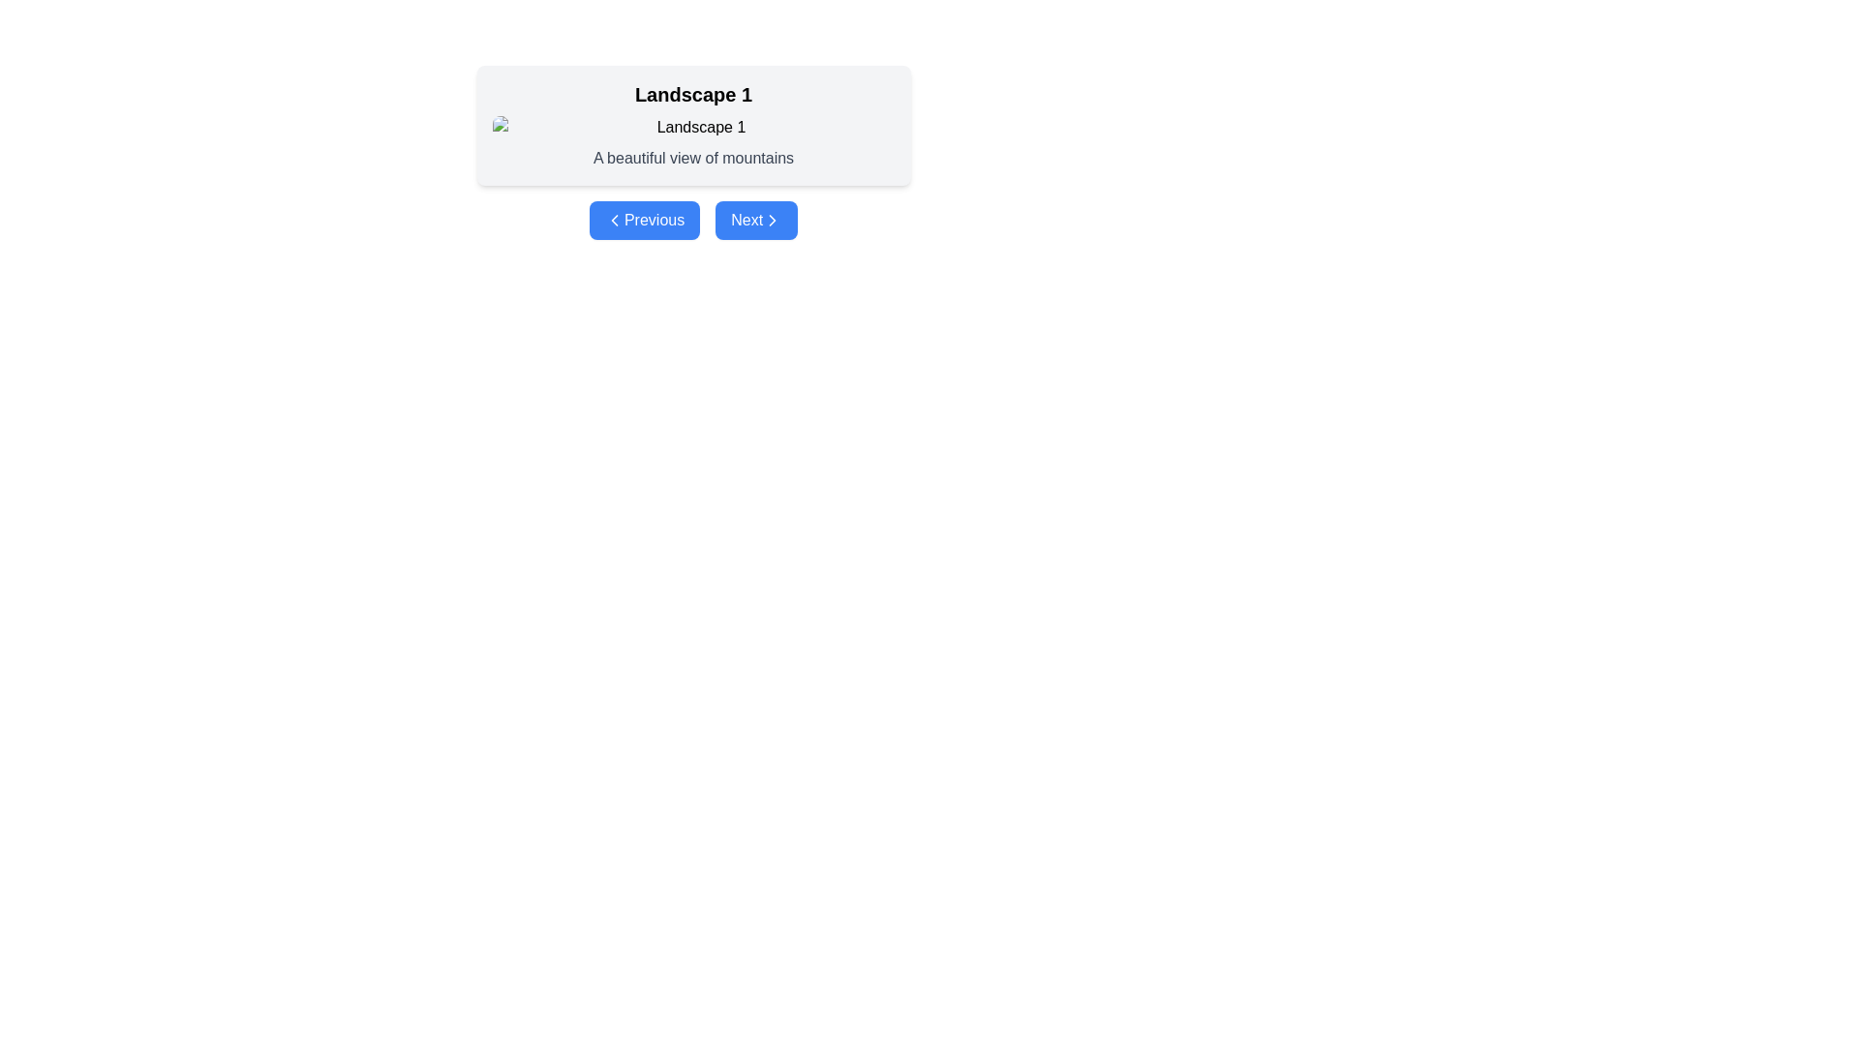  Describe the element at coordinates (693, 127) in the screenshot. I see `the image placeholder with rounded corners, located below the heading 'Landscape 1' and above the text 'A beautiful view of mountains'` at that location.